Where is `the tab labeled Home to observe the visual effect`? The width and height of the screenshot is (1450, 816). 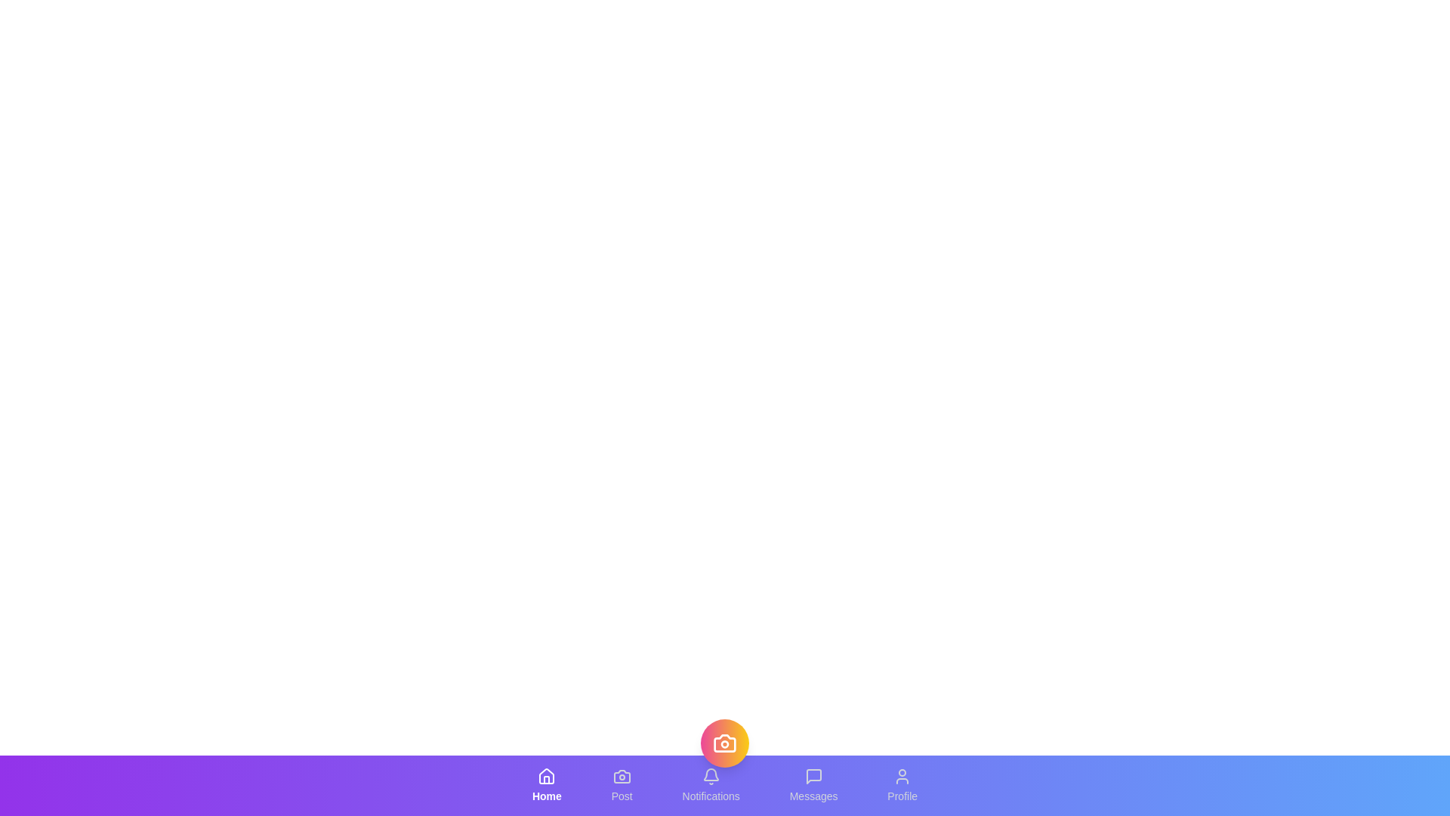
the tab labeled Home to observe the visual effect is located at coordinates (546, 785).